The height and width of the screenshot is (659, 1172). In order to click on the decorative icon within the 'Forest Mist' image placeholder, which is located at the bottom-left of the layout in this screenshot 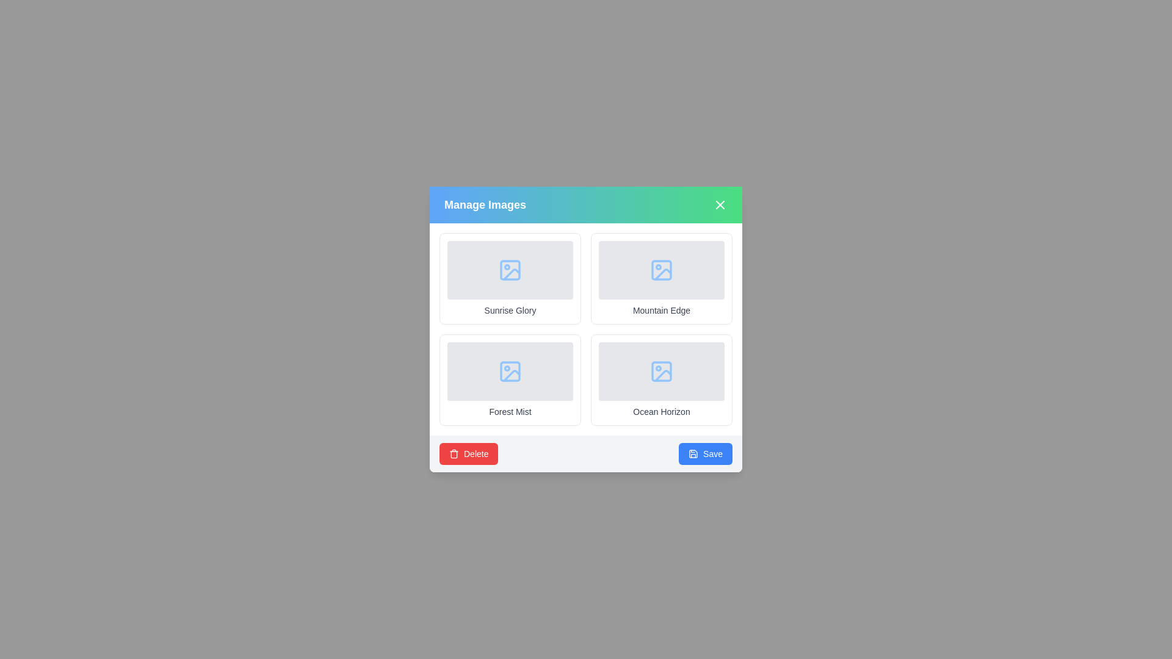, I will do `click(510, 371)`.